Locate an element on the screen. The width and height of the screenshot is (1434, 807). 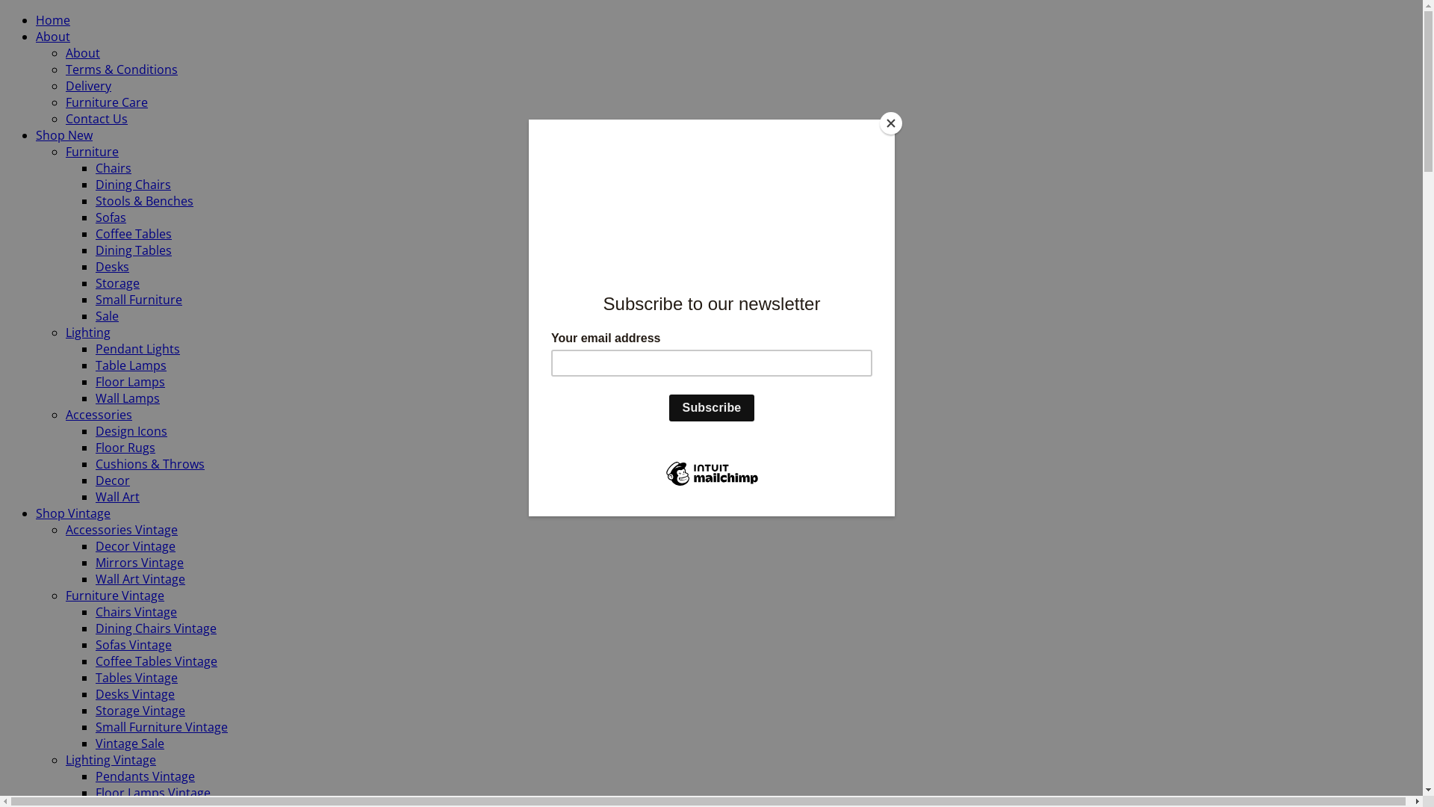
'Wall Art Vintage' is located at coordinates (140, 578).